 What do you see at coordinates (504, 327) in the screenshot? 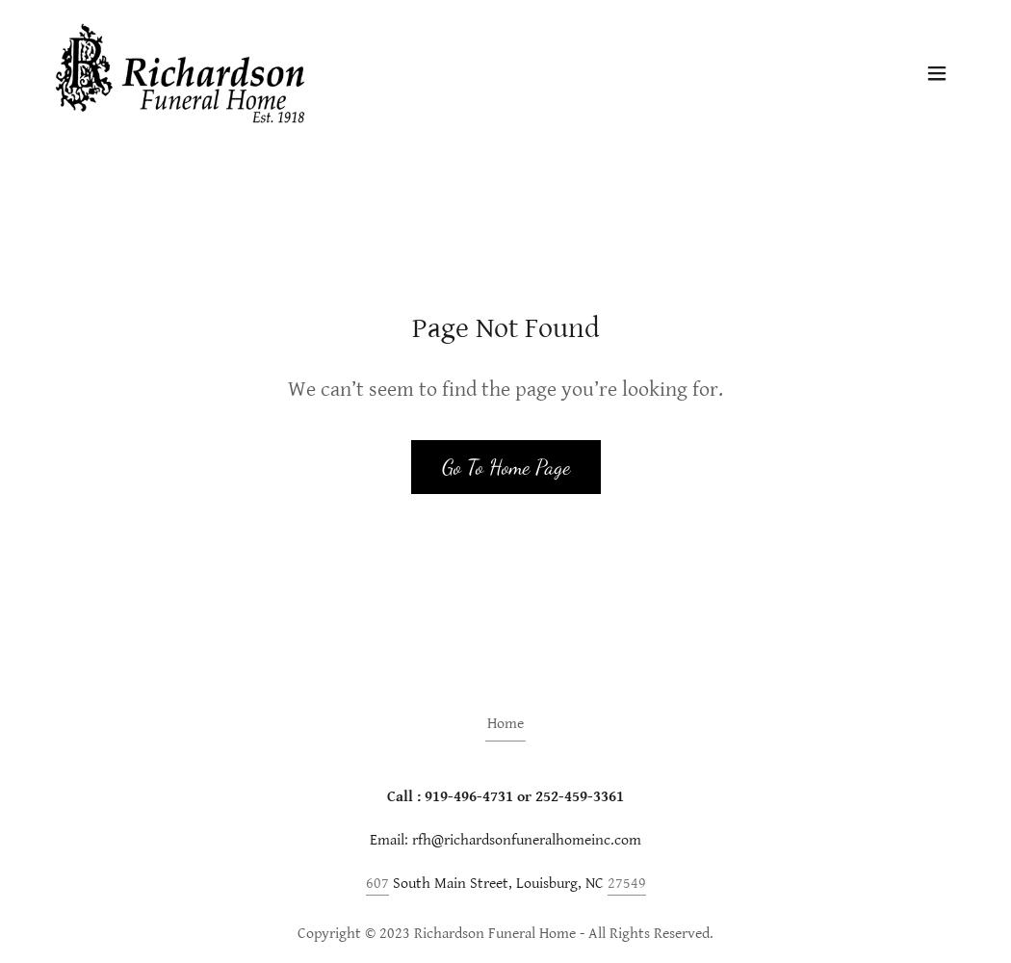
I see `'Page Not Found'` at bounding box center [504, 327].